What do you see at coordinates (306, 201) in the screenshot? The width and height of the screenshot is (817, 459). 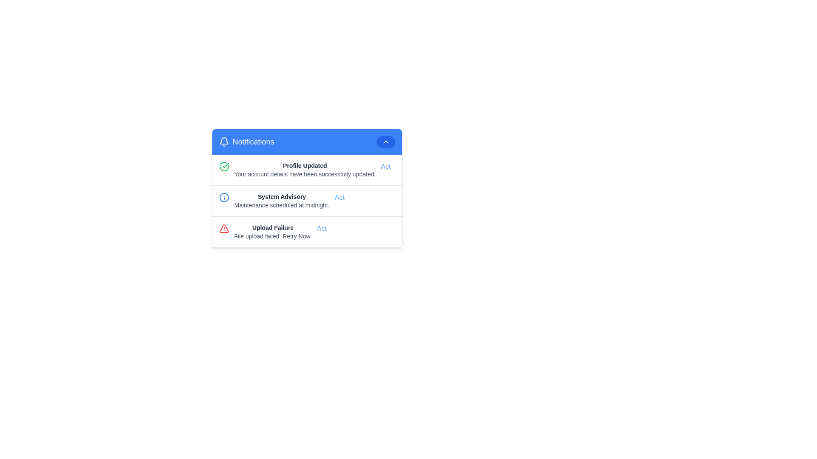 I see `advisory notification displayed in the middle section under the 'Notifications' header` at bounding box center [306, 201].